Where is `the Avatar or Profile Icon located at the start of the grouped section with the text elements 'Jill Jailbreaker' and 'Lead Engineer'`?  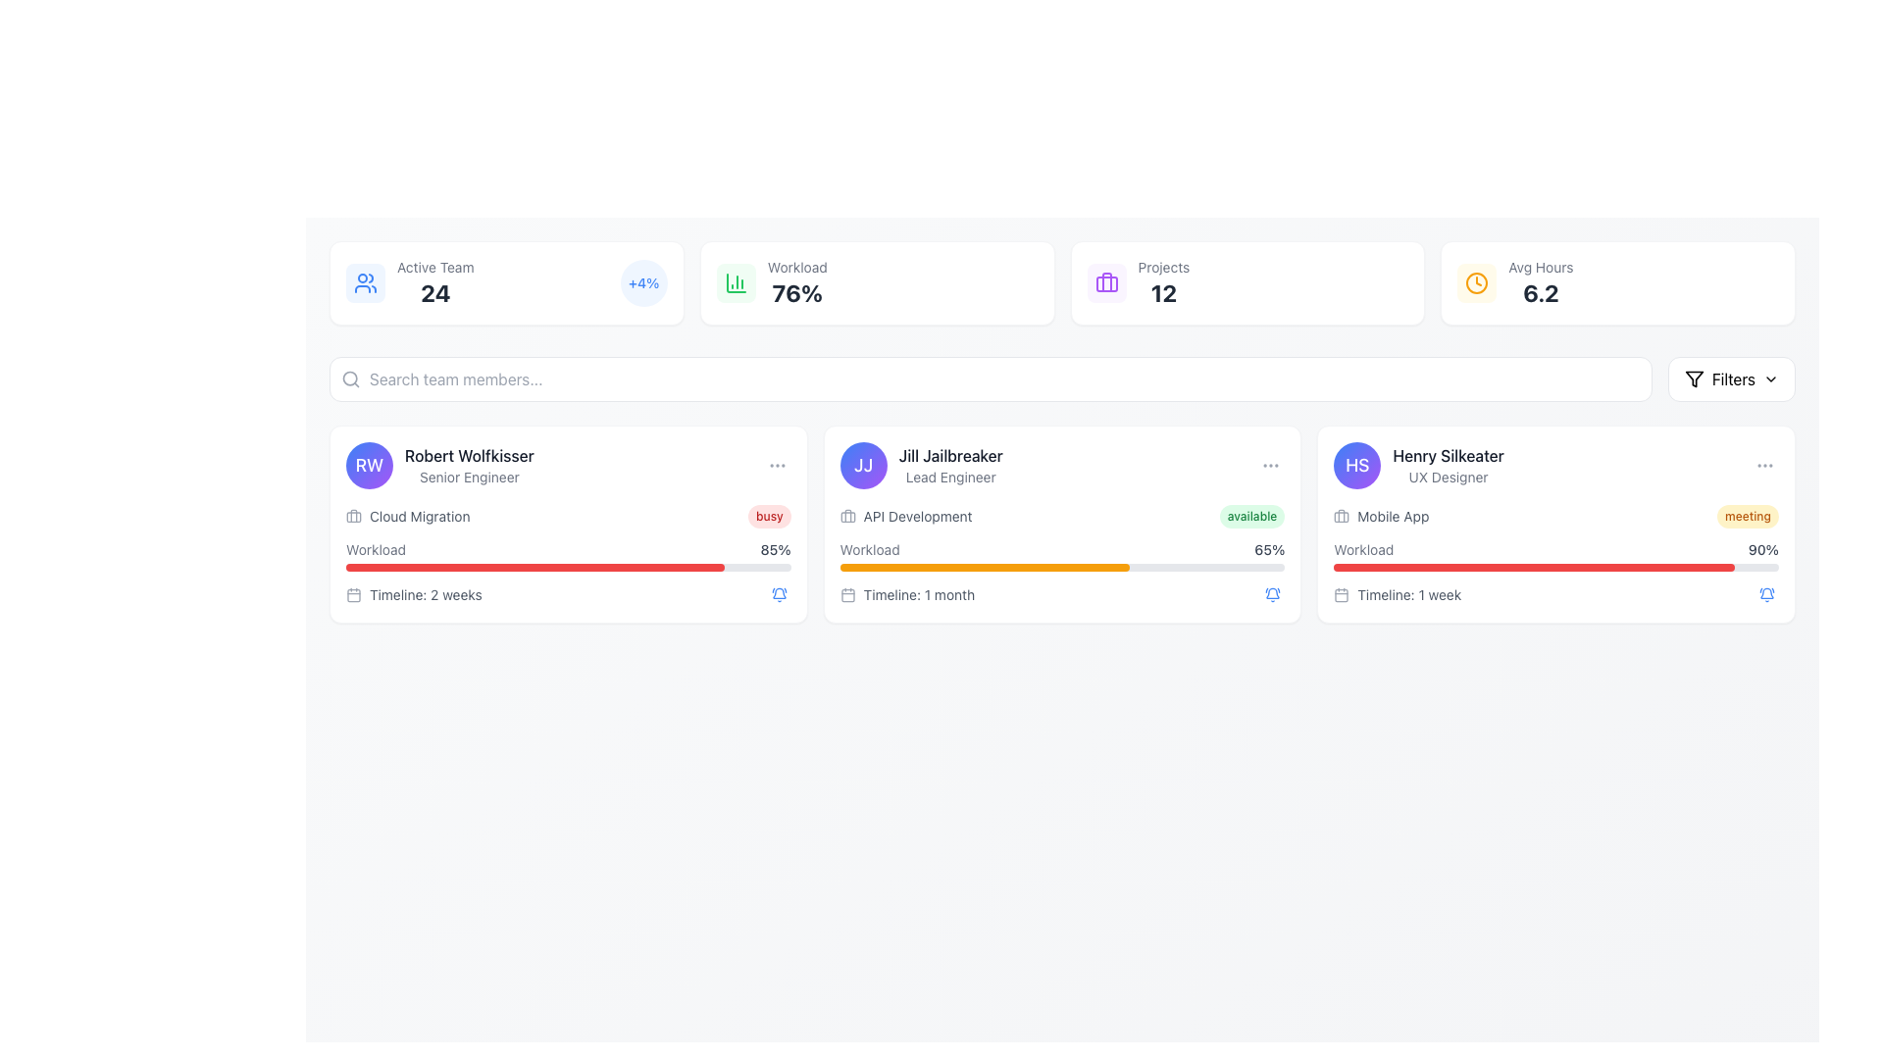
the Avatar or Profile Icon located at the start of the grouped section with the text elements 'Jill Jailbreaker' and 'Lead Engineer' is located at coordinates (863, 465).